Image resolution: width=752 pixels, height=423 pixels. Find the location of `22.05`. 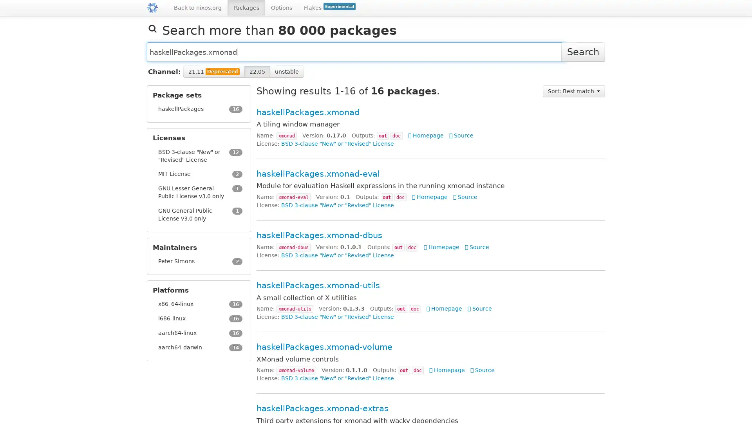

22.05 is located at coordinates (257, 71).